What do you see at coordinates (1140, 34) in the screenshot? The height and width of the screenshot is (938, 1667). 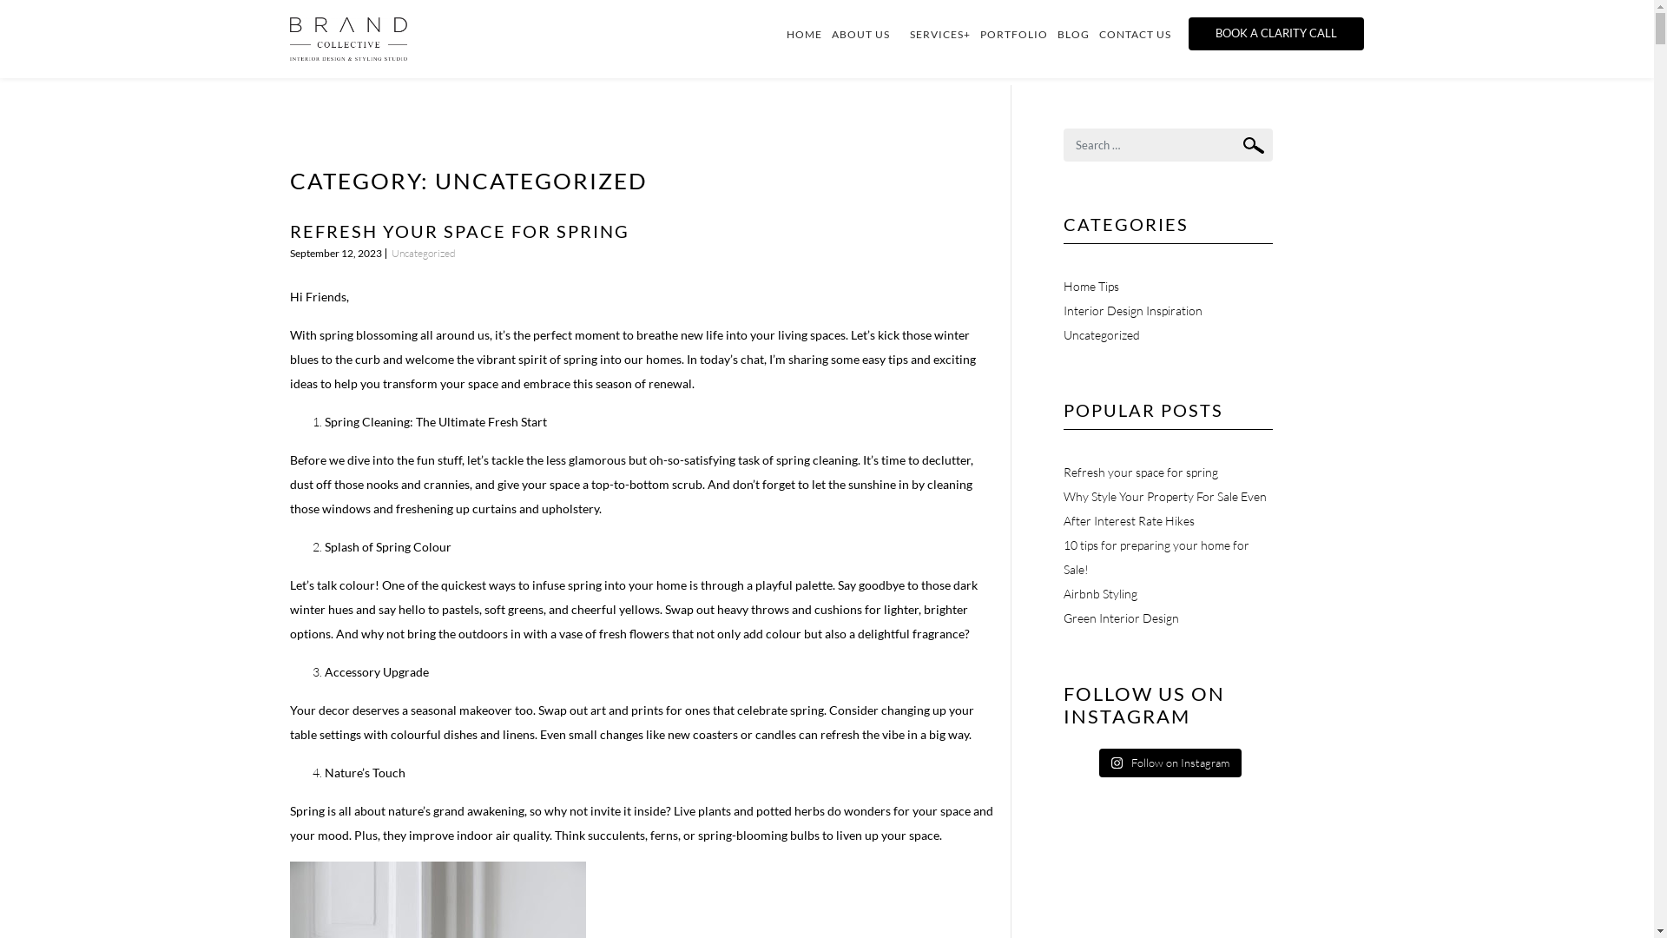 I see `'CONTACT US'` at bounding box center [1140, 34].